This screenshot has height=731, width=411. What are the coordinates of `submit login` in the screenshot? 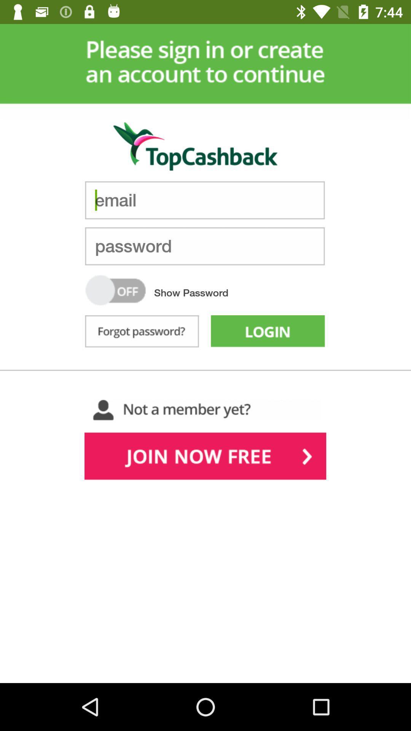 It's located at (267, 333).